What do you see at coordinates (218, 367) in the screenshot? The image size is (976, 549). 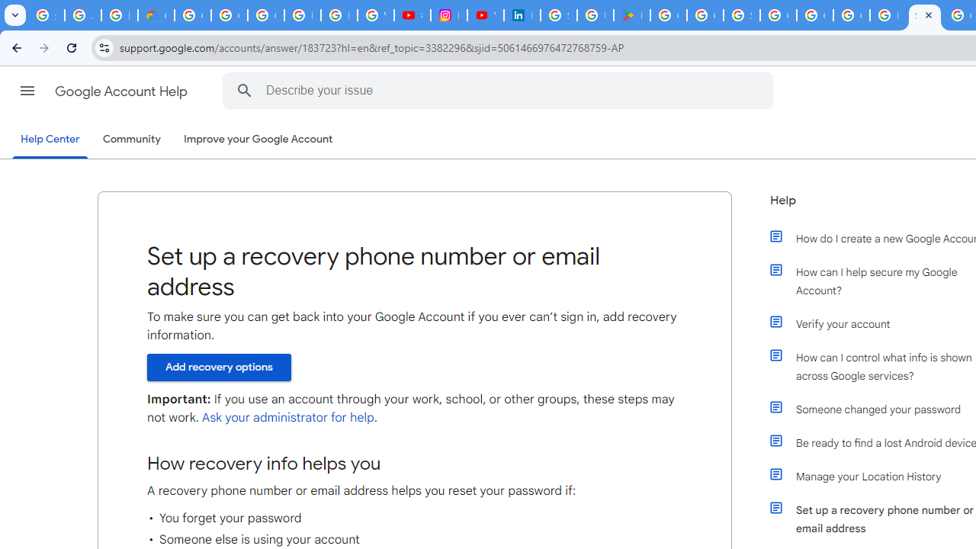 I see `'Add recovery options'` at bounding box center [218, 367].